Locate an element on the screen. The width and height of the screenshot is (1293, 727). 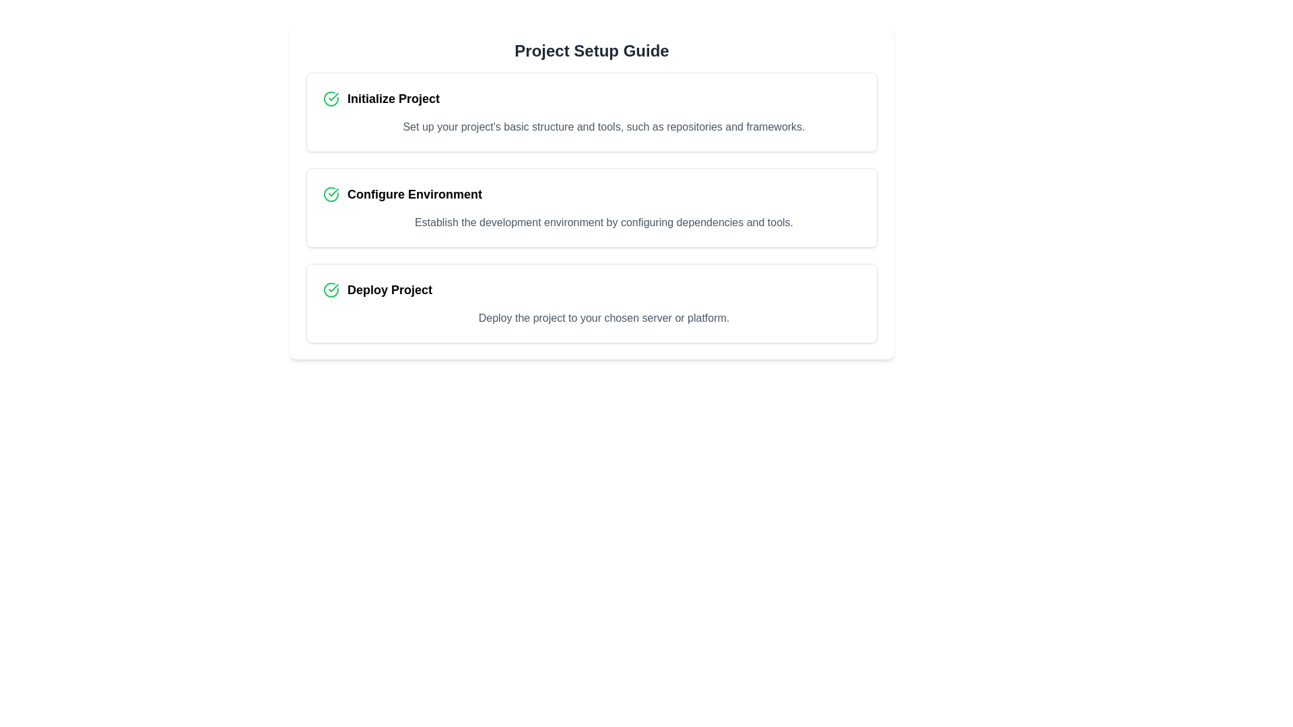
bold, dark-colored text label that says 'Deploy Project', which is located in the third section of the 'Project Setup Guide', positioned to the right of a green circular icon with a checkmark is located at coordinates (389, 289).